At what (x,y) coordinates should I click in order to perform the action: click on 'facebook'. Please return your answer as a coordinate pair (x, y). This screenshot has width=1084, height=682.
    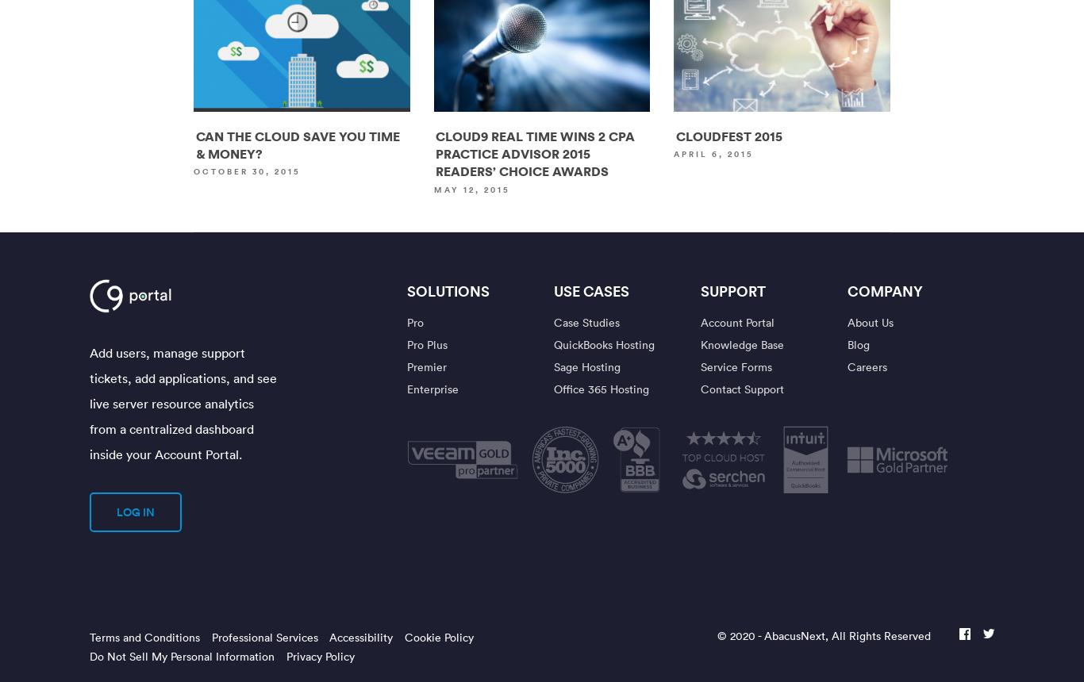
    Looking at the image, I should click on (965, 635).